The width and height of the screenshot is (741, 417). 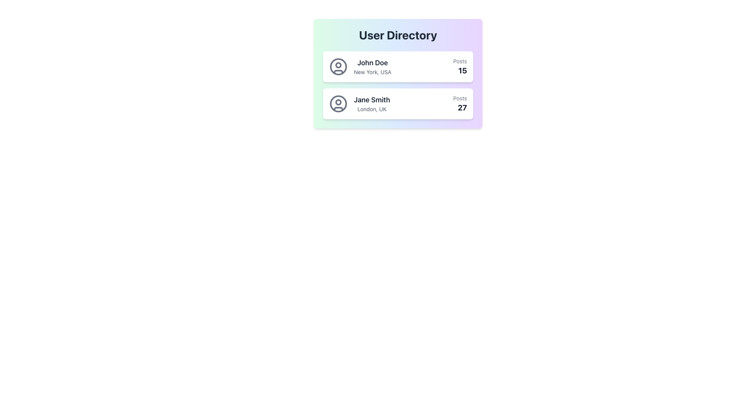 I want to click on the text element displaying '27', which is styled in bold, larger size, and dark gray color, positioned below the 'Posts' label in the section related to 'Jane Smith', so click(x=460, y=107).